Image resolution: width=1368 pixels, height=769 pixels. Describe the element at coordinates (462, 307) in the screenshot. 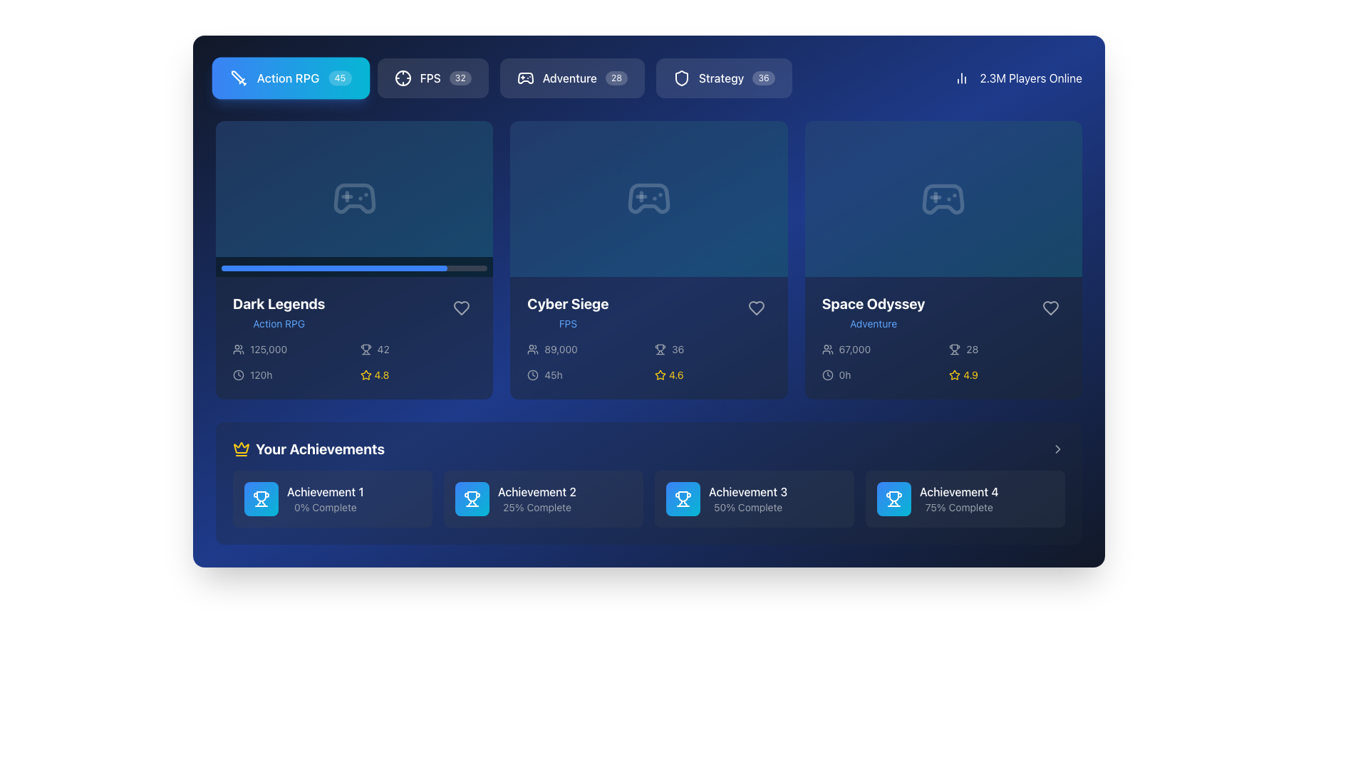

I see `the heart icon button in the top-right corner of the 'Dark Legends' game card to mark it as favorite` at that location.